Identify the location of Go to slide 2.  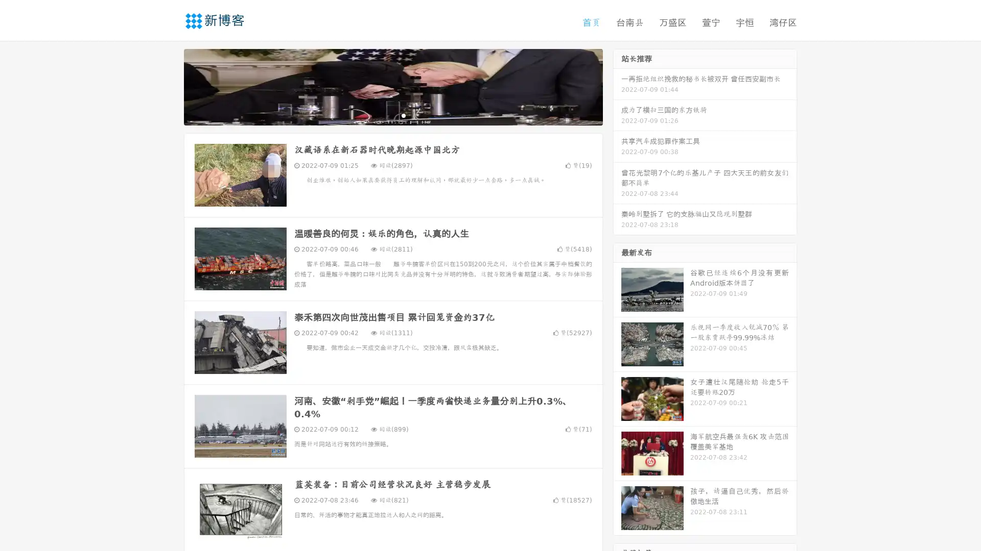
(392, 115).